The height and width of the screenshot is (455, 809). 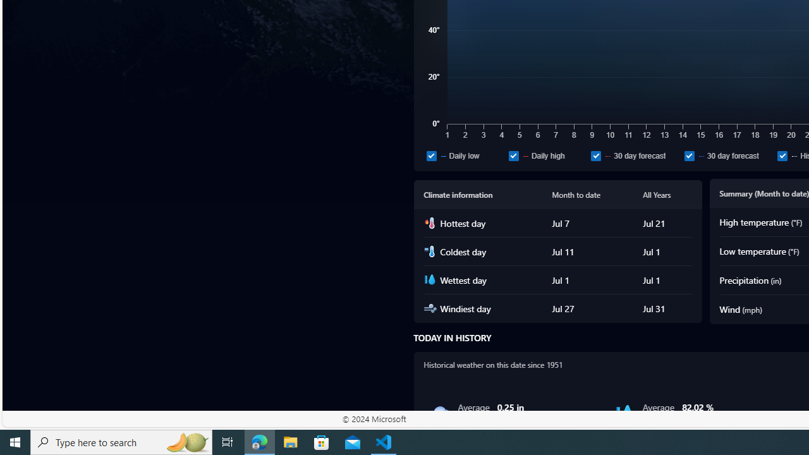 What do you see at coordinates (465, 155) in the screenshot?
I see `'Daily low'` at bounding box center [465, 155].